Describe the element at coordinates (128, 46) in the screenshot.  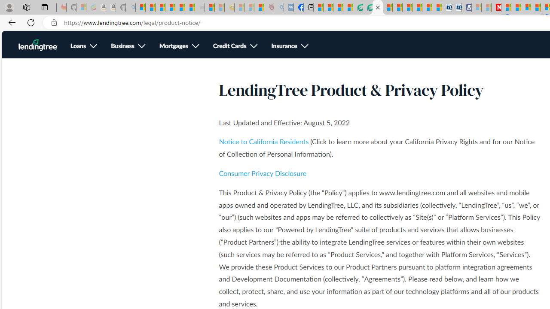
I see `'Business, see more'` at that location.